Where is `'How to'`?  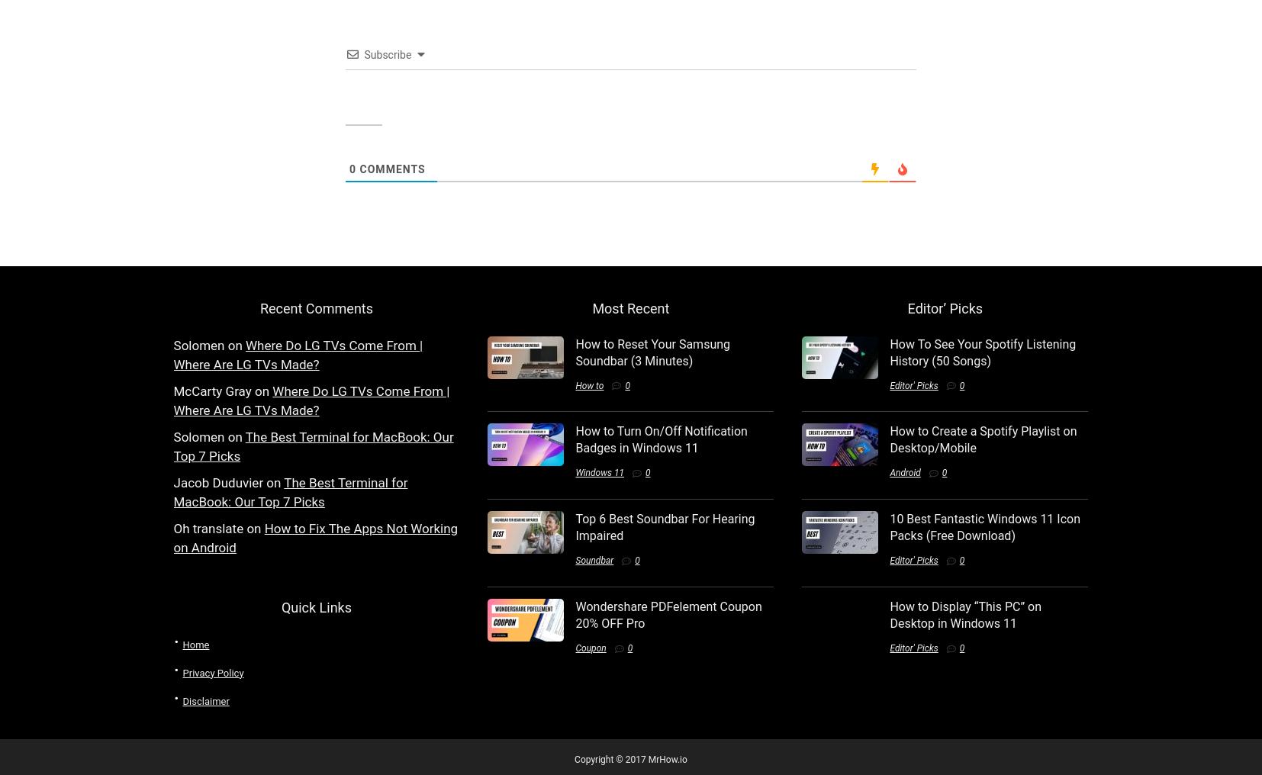
'How to' is located at coordinates (589, 384).